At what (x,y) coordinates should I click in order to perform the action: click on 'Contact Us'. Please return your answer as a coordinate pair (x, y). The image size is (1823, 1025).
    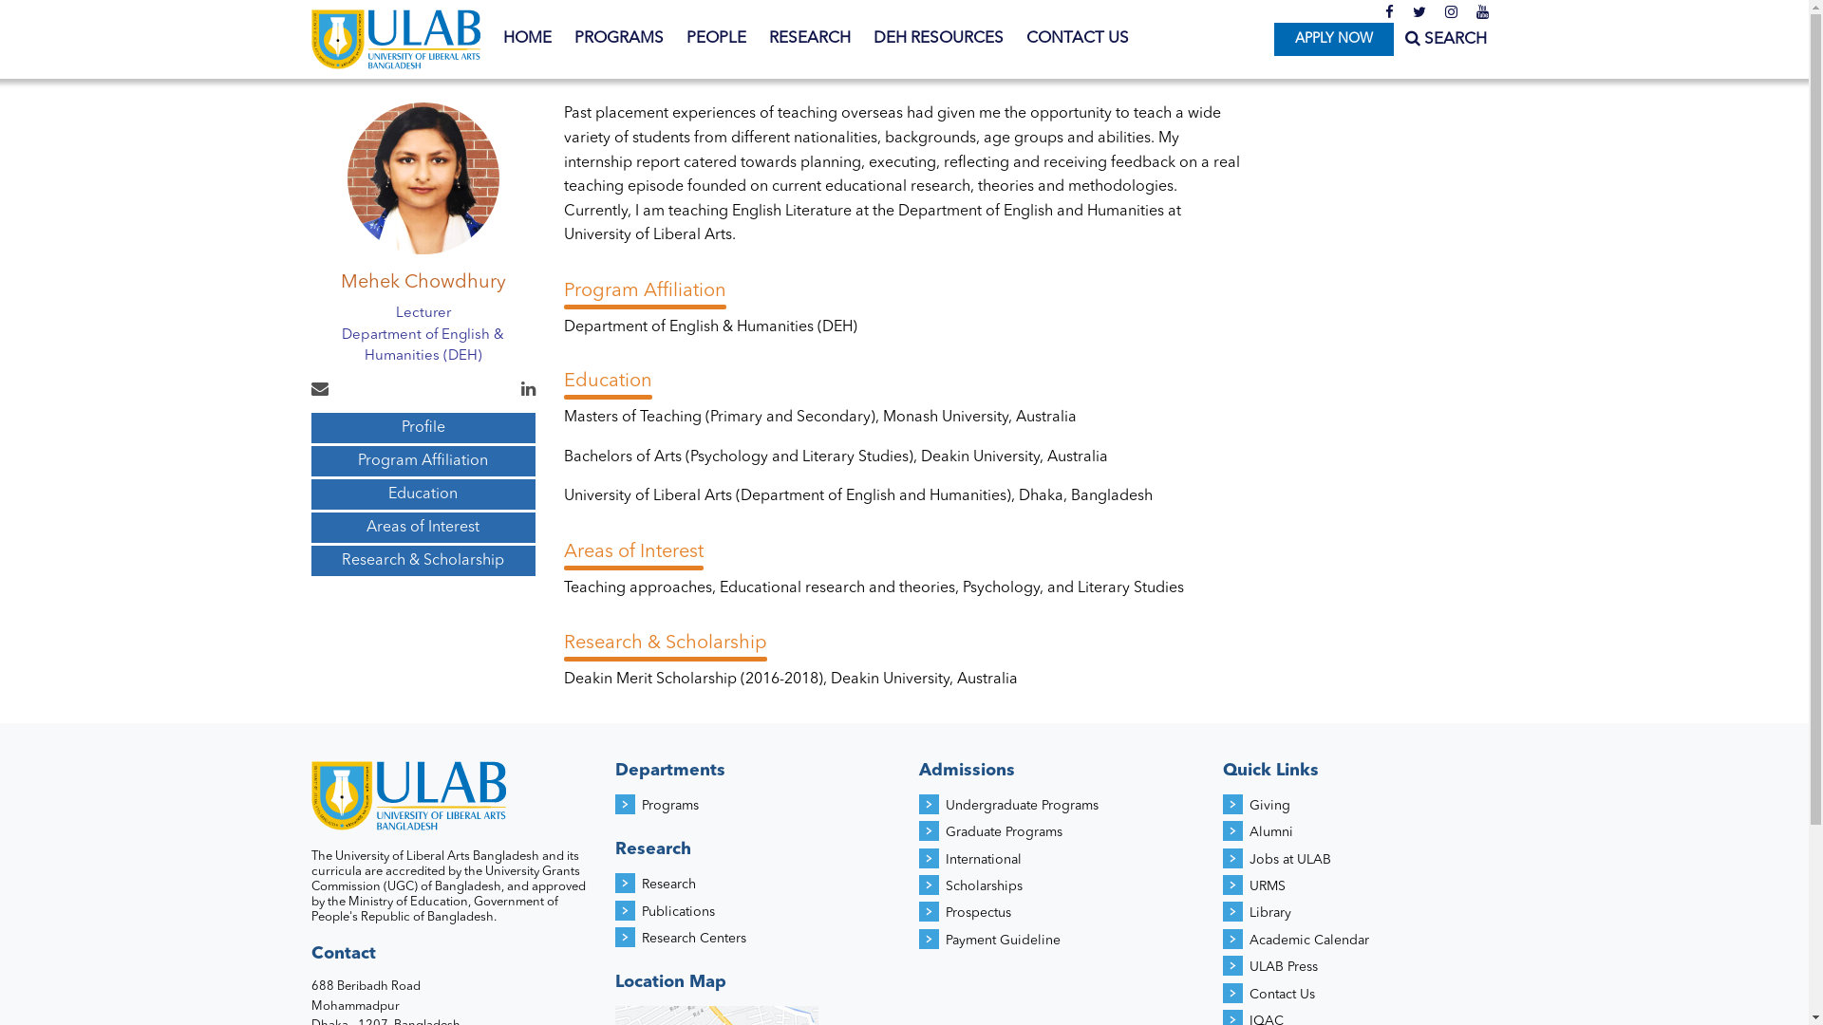
    Looking at the image, I should click on (1282, 994).